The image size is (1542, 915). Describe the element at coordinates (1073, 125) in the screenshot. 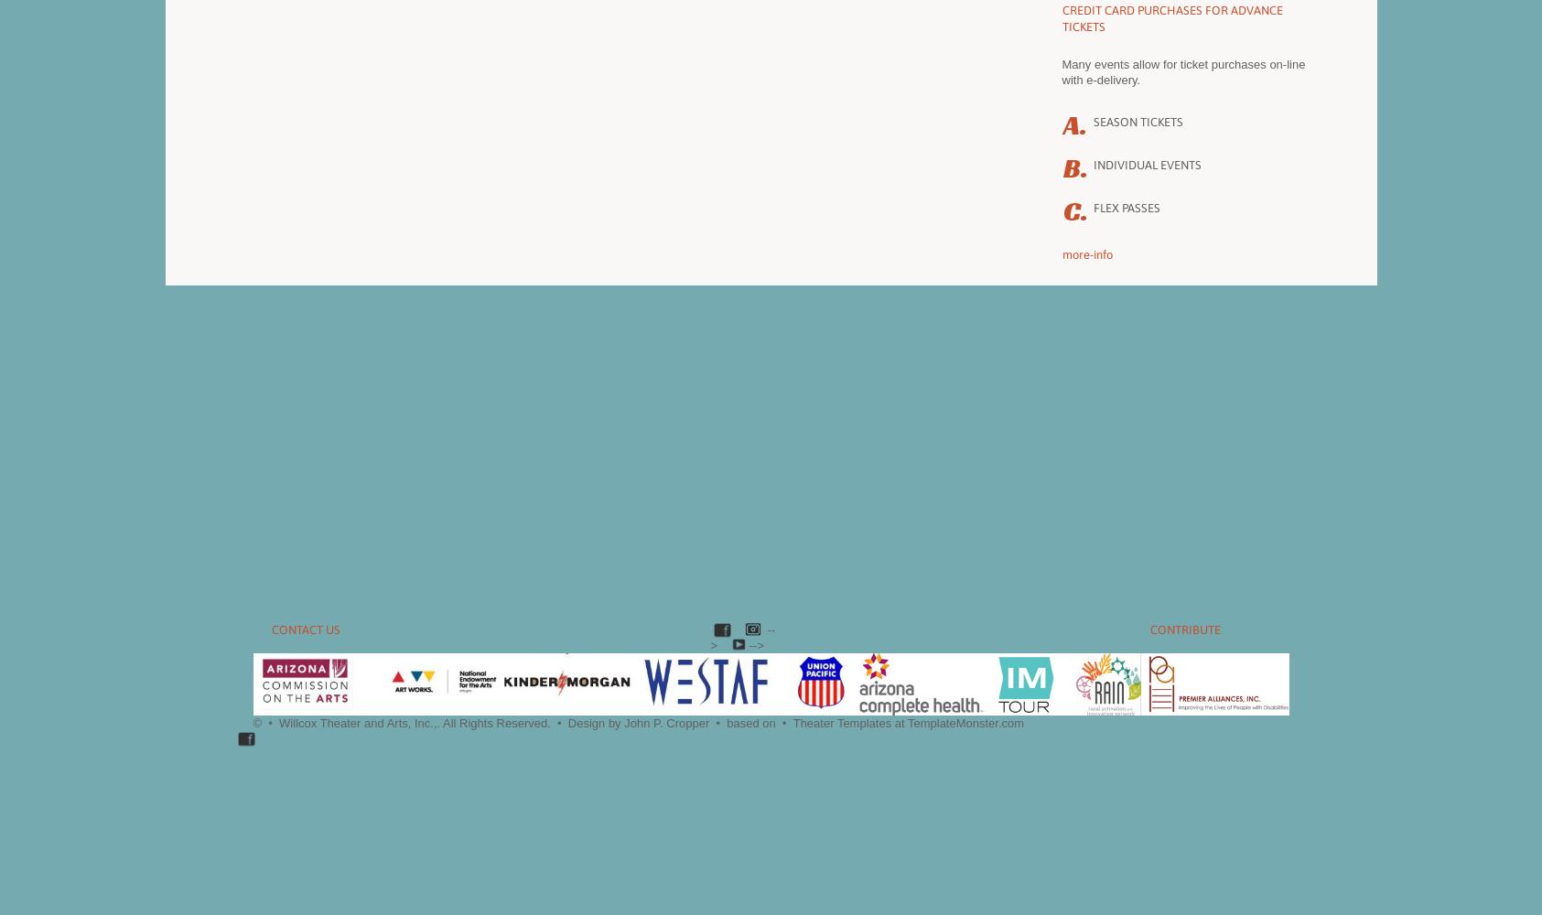

I see `'A.'` at that location.